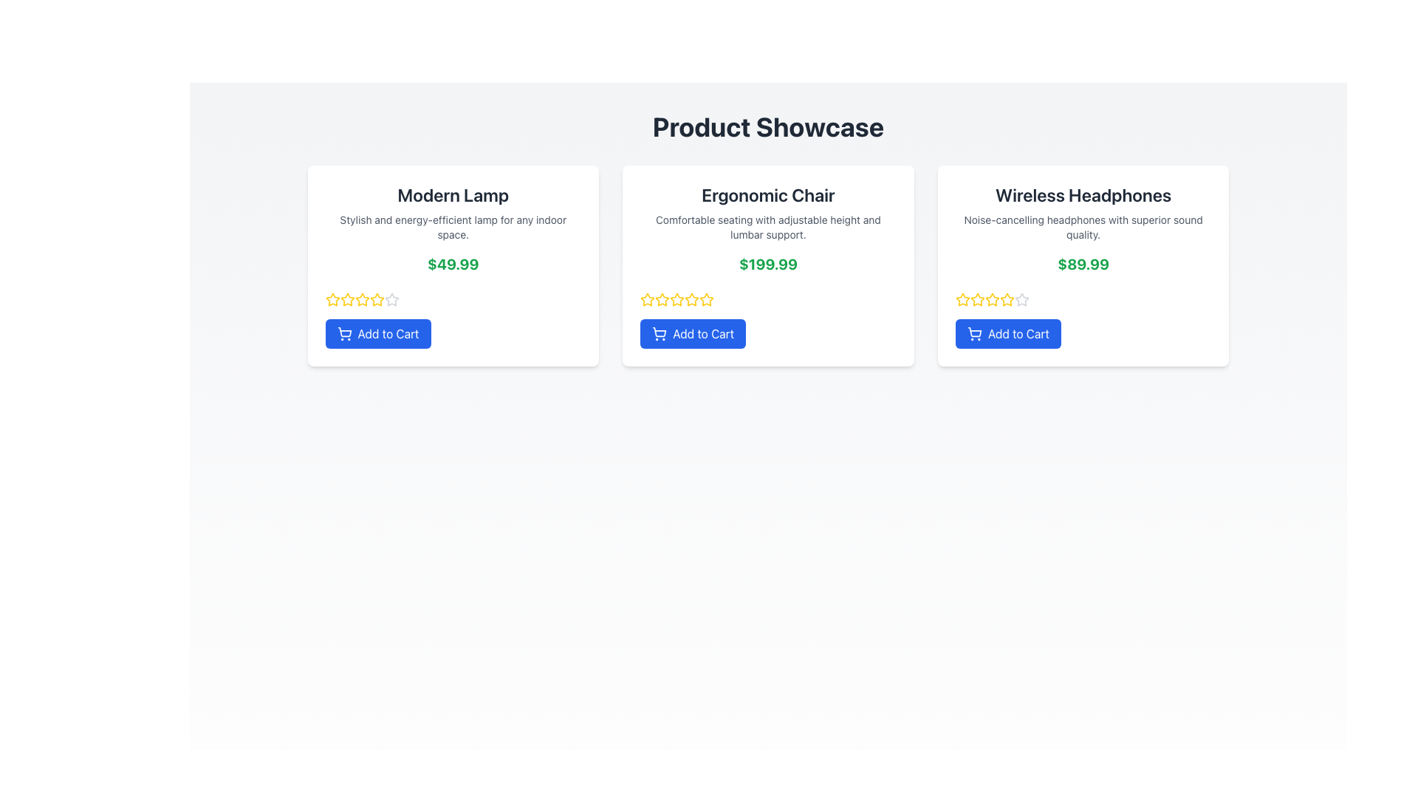 Image resolution: width=1418 pixels, height=798 pixels. What do you see at coordinates (974, 333) in the screenshot?
I see `the shopping cart icon located to the left of the 'Add to Cart' button on the blue button area at the bottom center of the 'Wireless Headphones' product card` at bounding box center [974, 333].